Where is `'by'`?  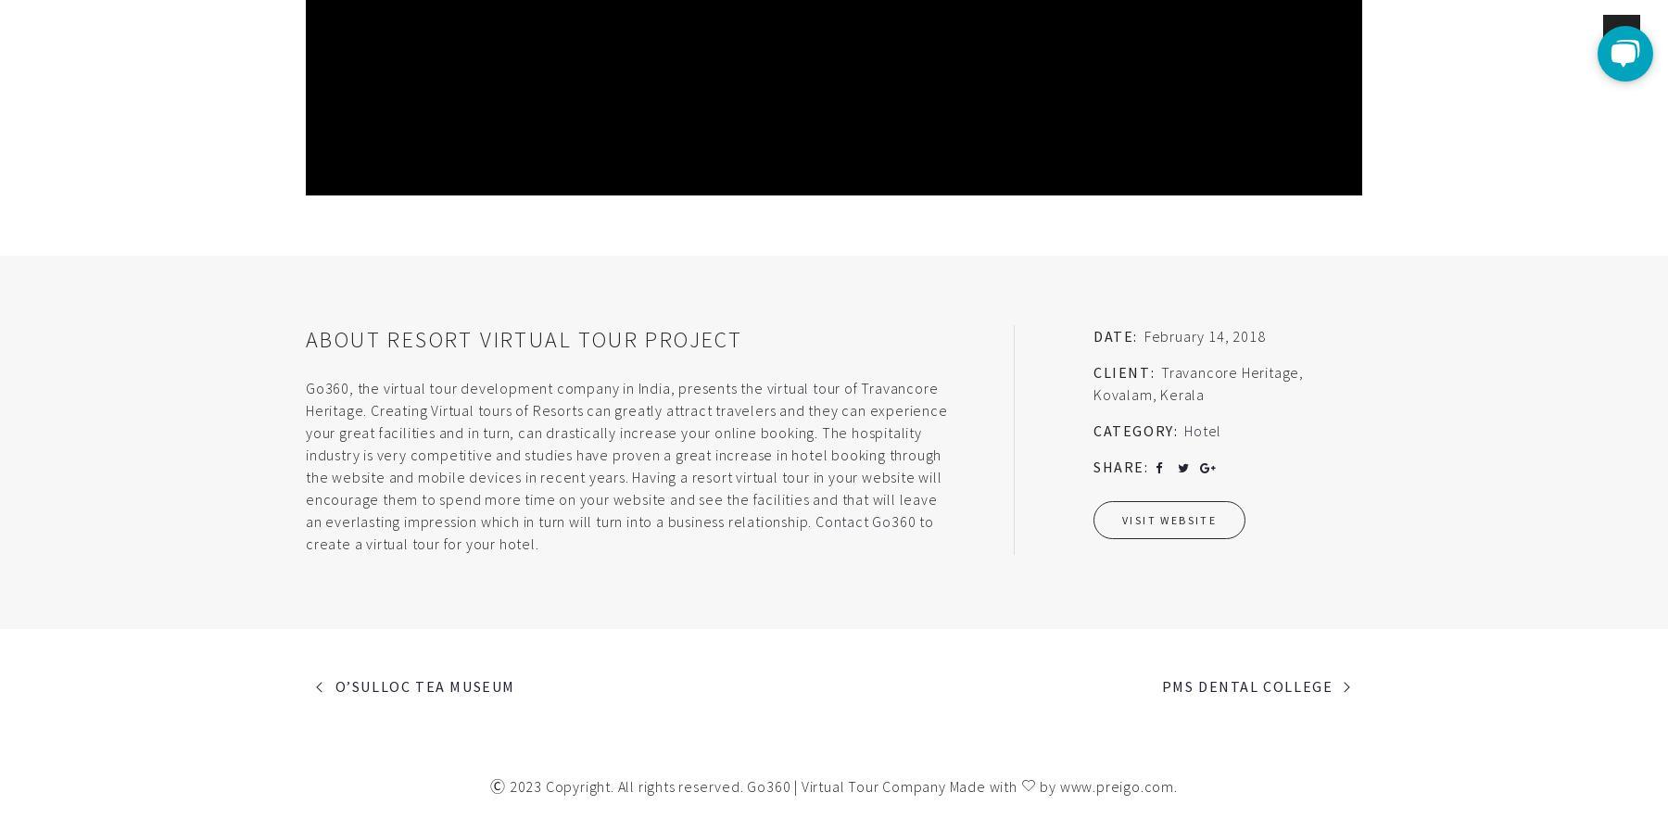
'by' is located at coordinates (1046, 785).